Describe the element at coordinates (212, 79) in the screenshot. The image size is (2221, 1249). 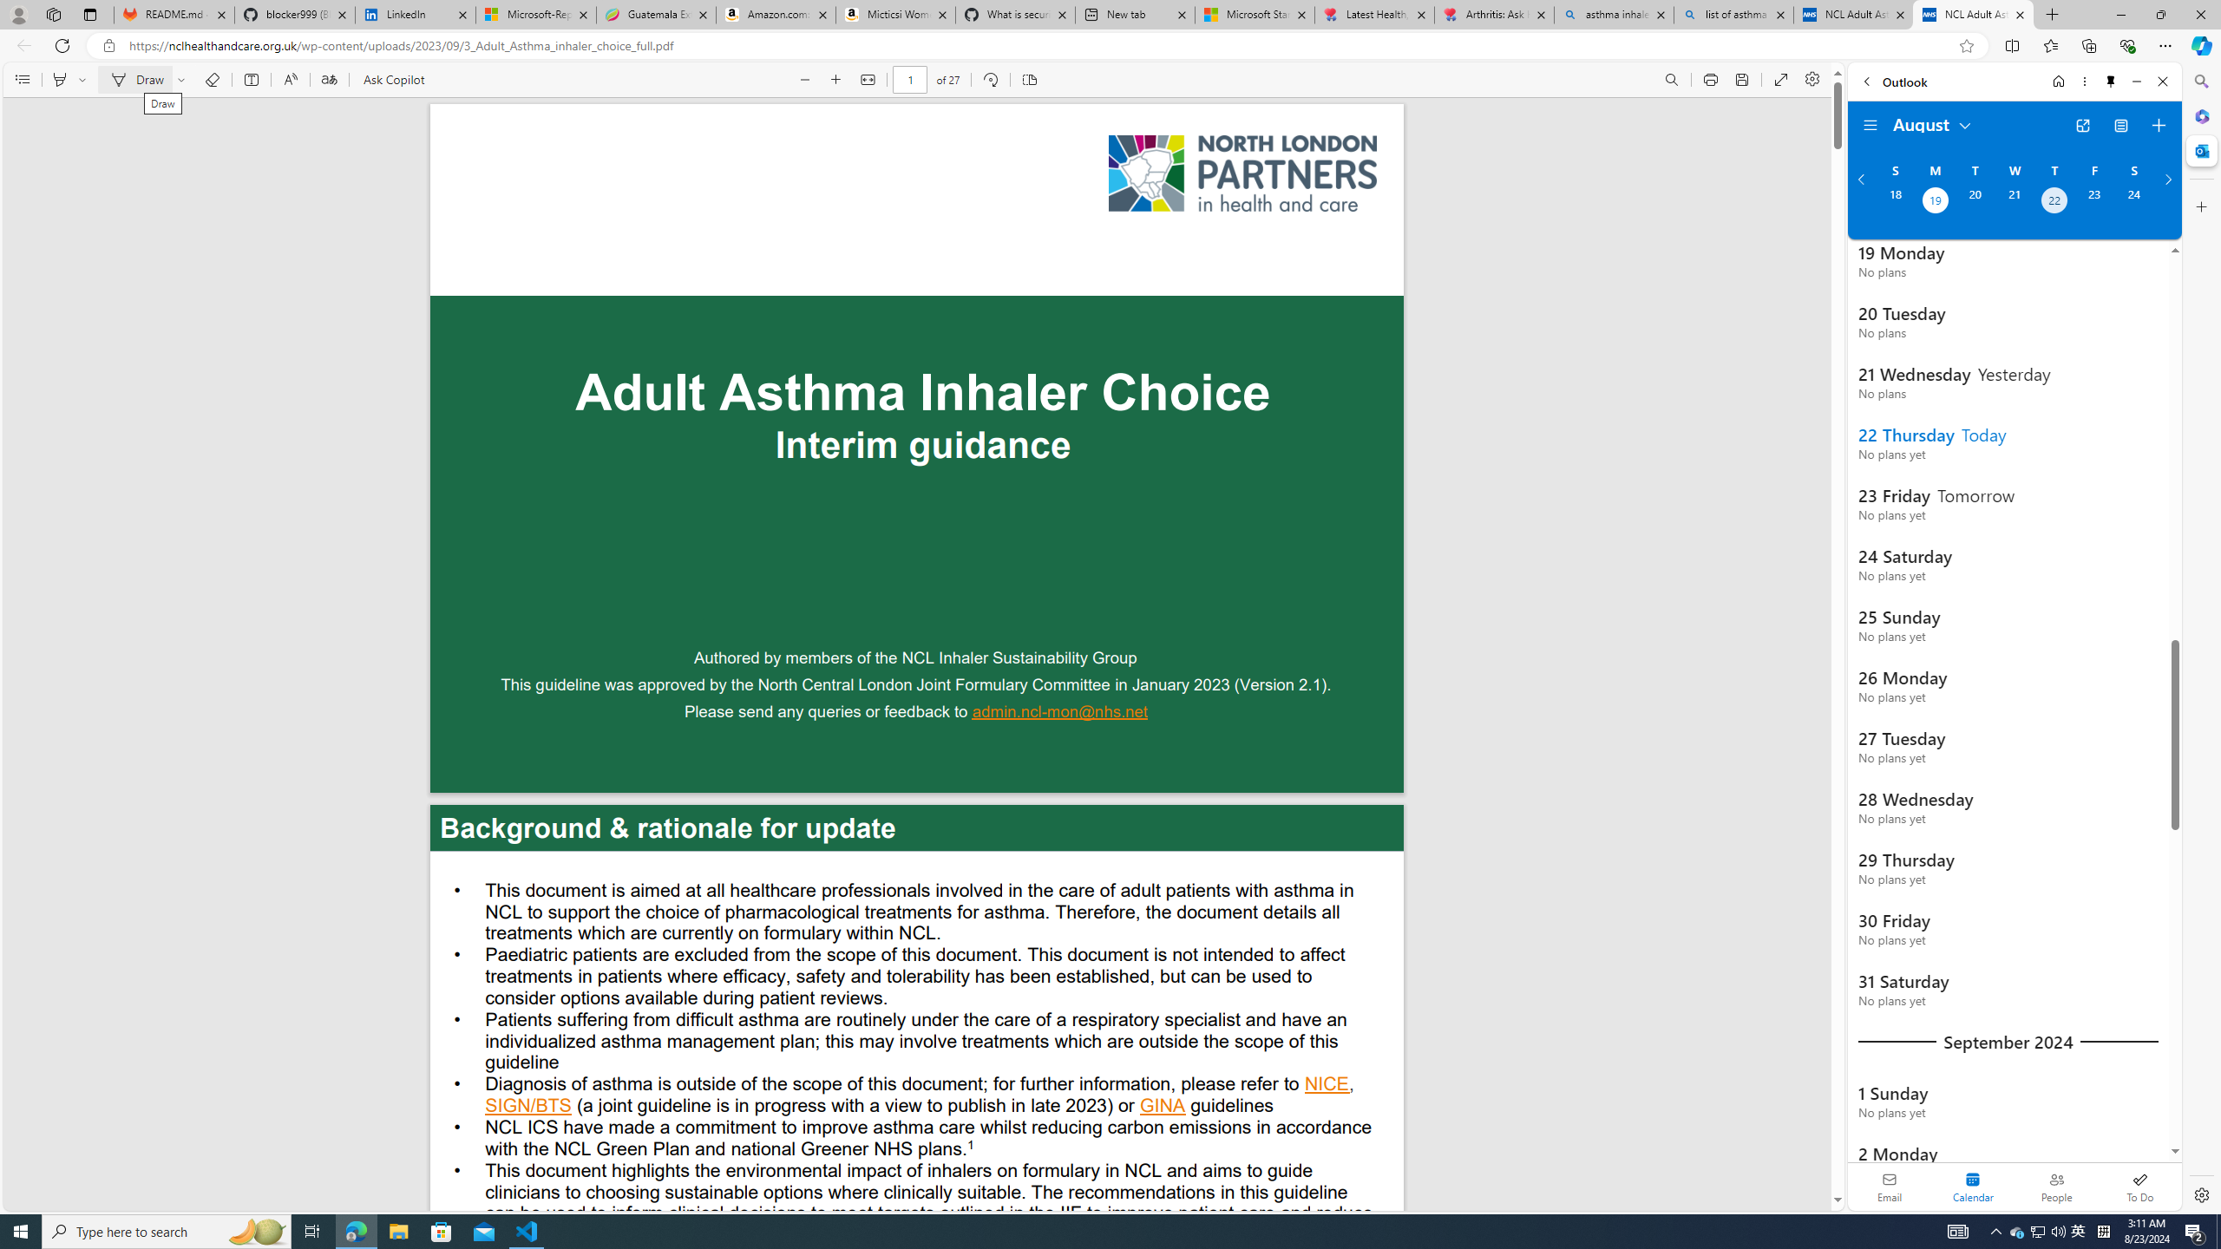
I see `'Erase'` at that location.